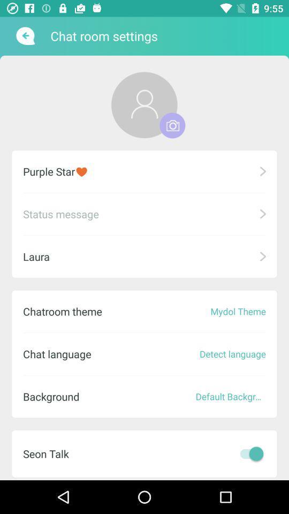 The image size is (289, 514). What do you see at coordinates (24, 36) in the screenshot?
I see `the arrow_backward icon` at bounding box center [24, 36].